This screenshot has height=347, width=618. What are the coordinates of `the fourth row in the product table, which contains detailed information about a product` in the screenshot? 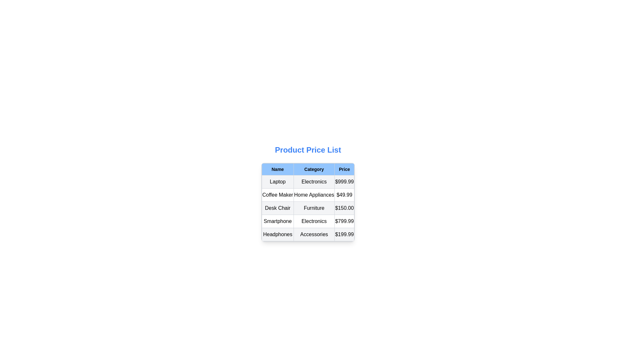 It's located at (307, 221).